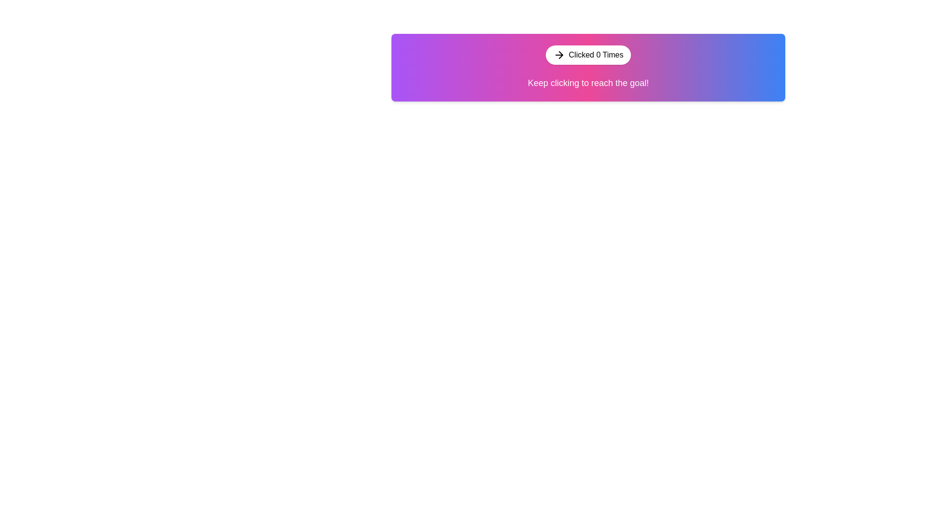 The width and height of the screenshot is (929, 522). Describe the element at coordinates (559, 55) in the screenshot. I see `the rightward-pointing arrow icon located to the left side within the rounded button labeled 'Clicked 0 Times'` at that location.